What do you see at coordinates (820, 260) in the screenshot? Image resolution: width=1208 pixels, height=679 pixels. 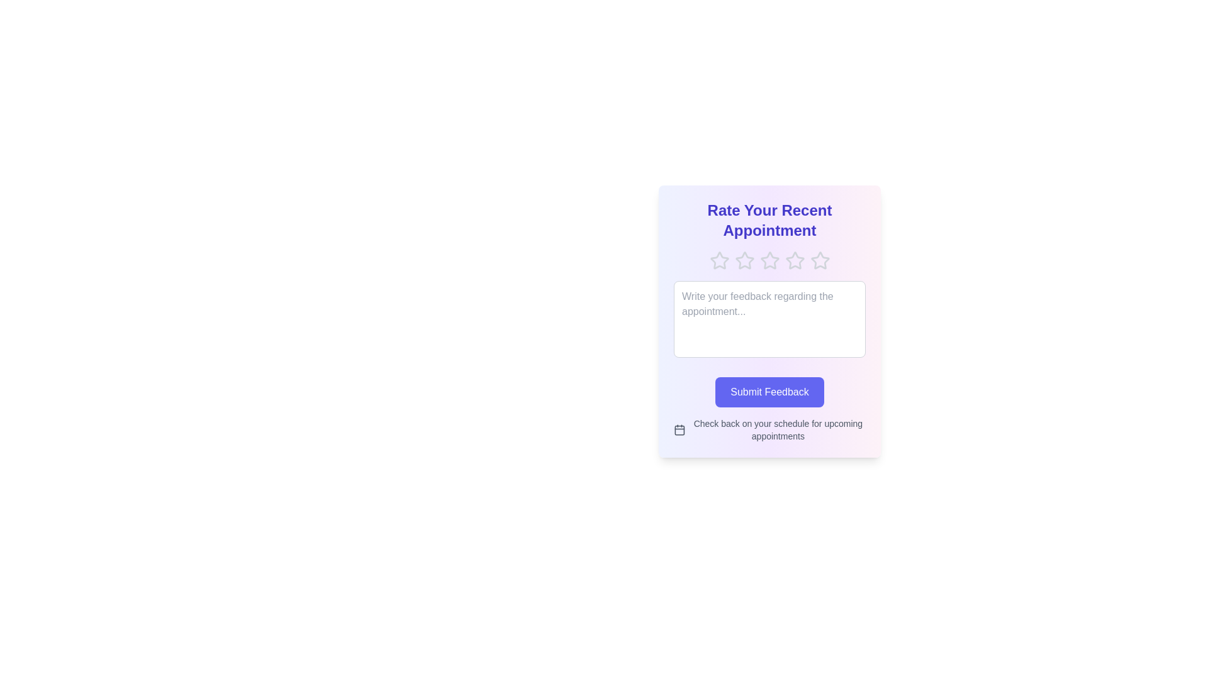 I see `the rating to 5 stars by clicking on the corresponding star` at bounding box center [820, 260].